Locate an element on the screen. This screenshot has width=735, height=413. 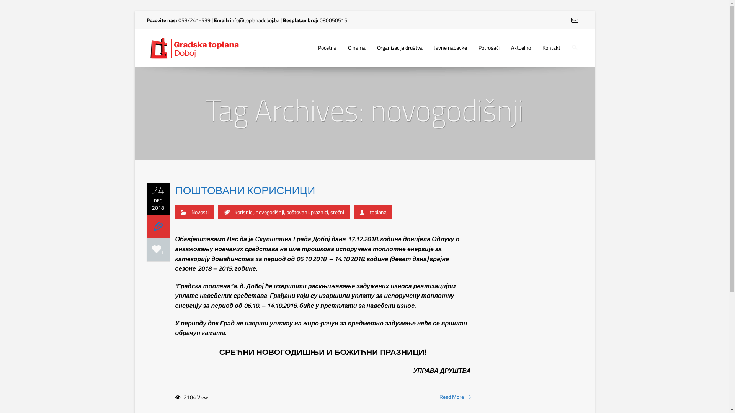
'24 is located at coordinates (157, 197).